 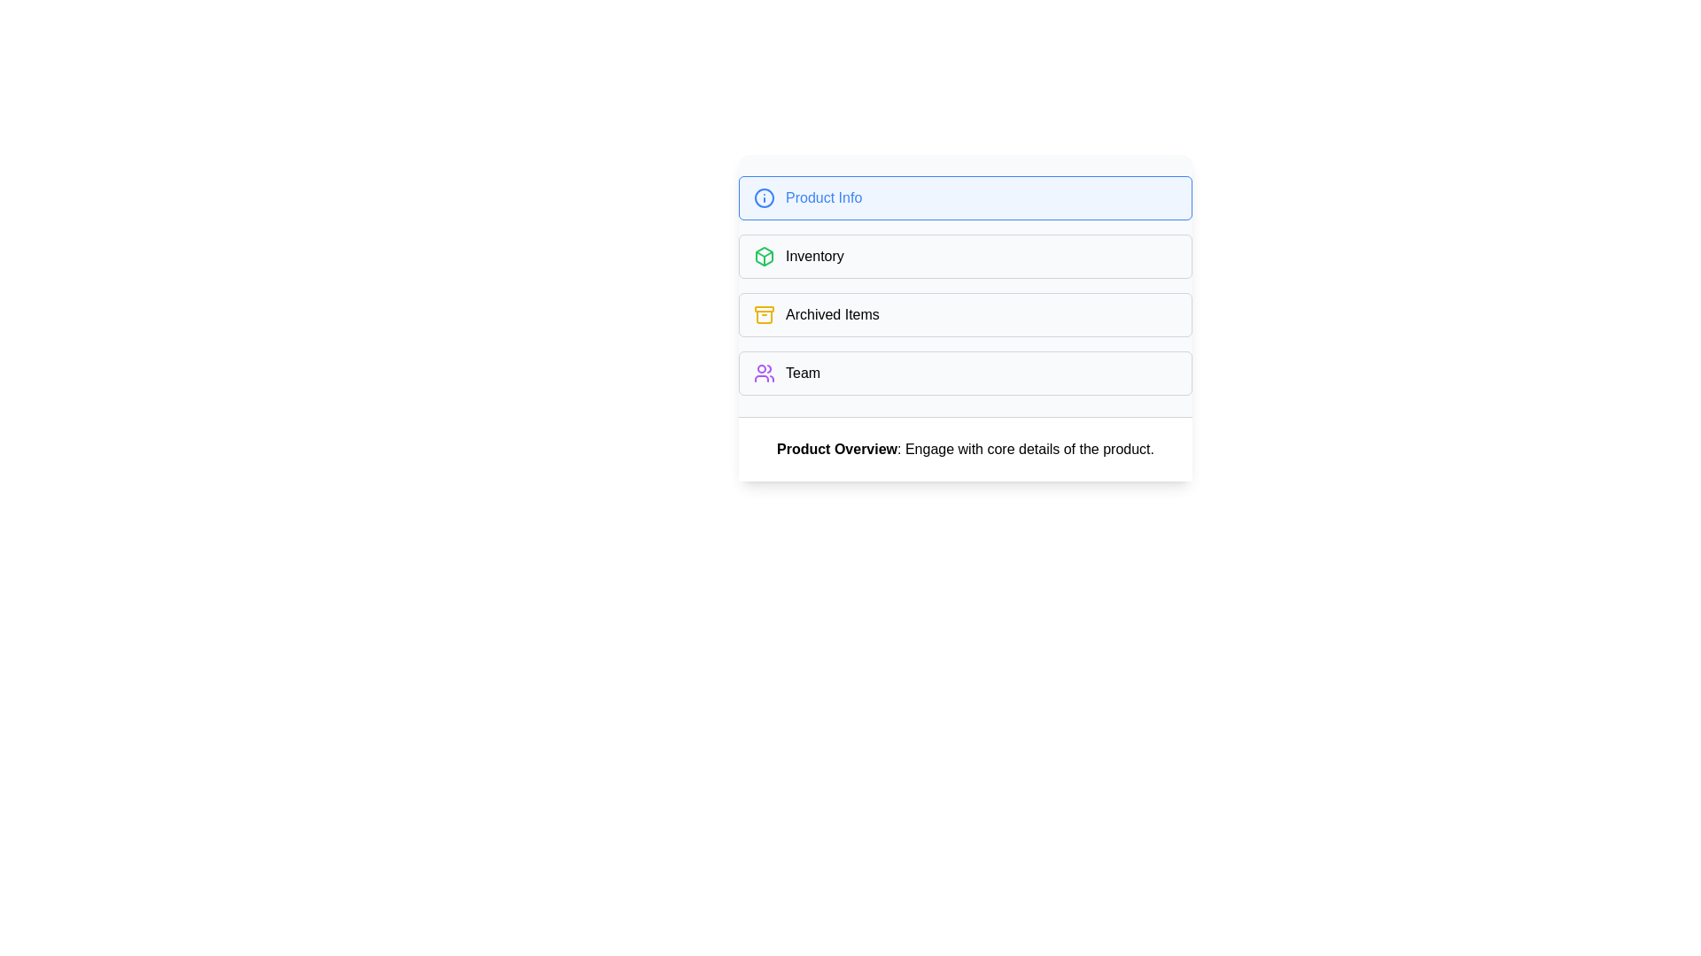 What do you see at coordinates (964, 313) in the screenshot?
I see `the tab titled Archived Items by clicking on its title` at bounding box center [964, 313].